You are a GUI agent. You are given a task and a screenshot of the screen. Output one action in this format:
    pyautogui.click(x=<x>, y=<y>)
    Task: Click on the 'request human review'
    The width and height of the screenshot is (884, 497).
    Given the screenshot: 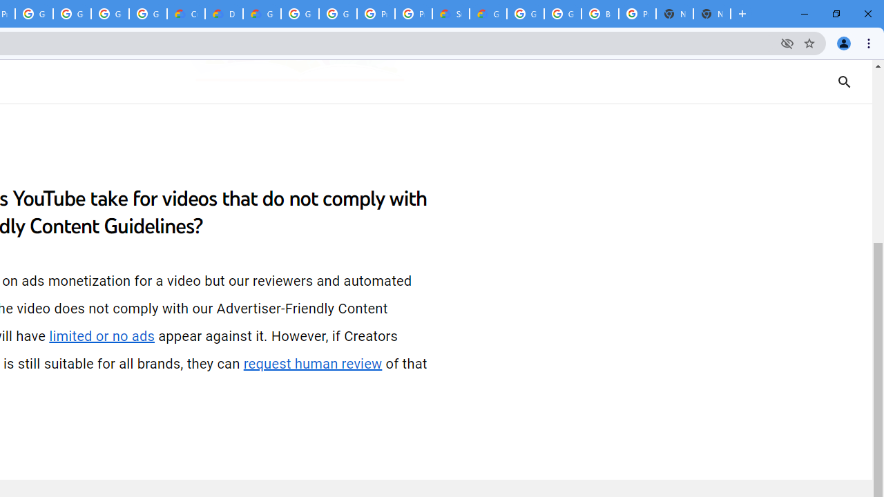 What is the action you would take?
    pyautogui.click(x=312, y=363)
    